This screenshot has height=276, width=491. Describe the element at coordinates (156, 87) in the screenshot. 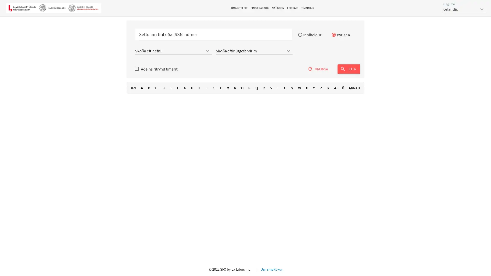

I see `C` at that location.